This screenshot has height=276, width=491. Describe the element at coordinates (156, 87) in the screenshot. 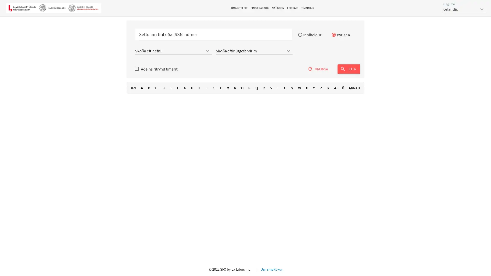

I see `C` at that location.